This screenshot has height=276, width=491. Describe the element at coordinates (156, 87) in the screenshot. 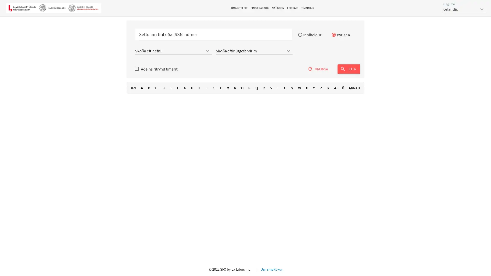

I see `C` at that location.